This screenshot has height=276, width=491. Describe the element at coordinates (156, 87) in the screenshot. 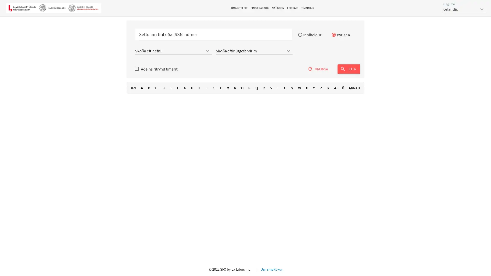

I see `C` at that location.